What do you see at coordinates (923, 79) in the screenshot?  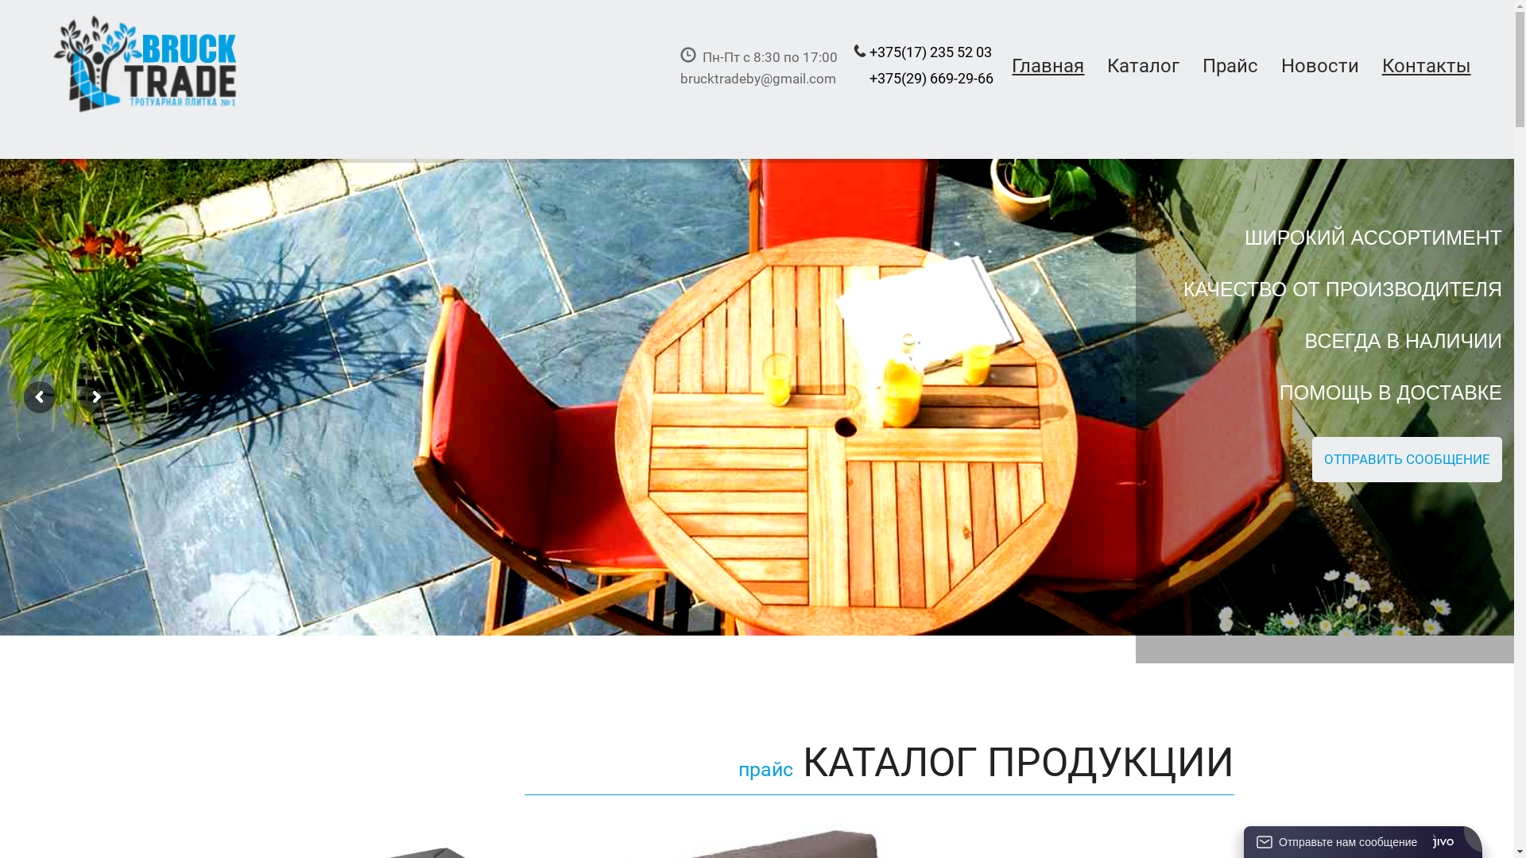 I see `'+375(17) 235 52 03` at bounding box center [923, 79].